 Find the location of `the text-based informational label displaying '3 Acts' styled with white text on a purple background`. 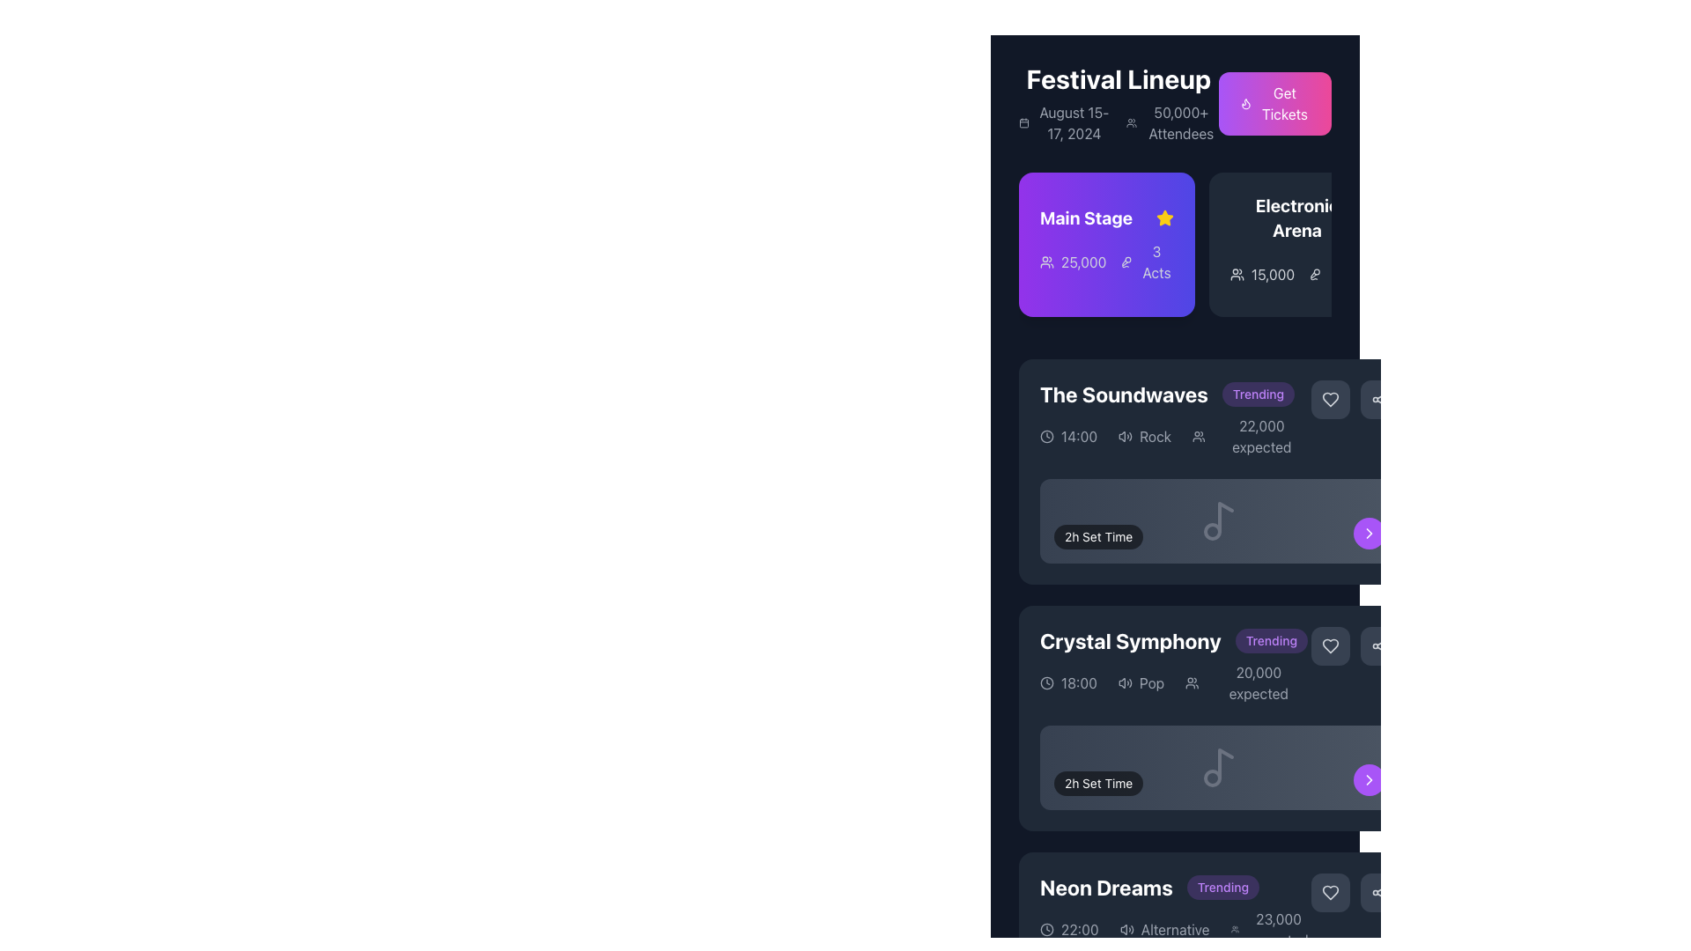

the text-based informational label displaying '3 Acts' styled with white text on a purple background is located at coordinates (1156, 262).